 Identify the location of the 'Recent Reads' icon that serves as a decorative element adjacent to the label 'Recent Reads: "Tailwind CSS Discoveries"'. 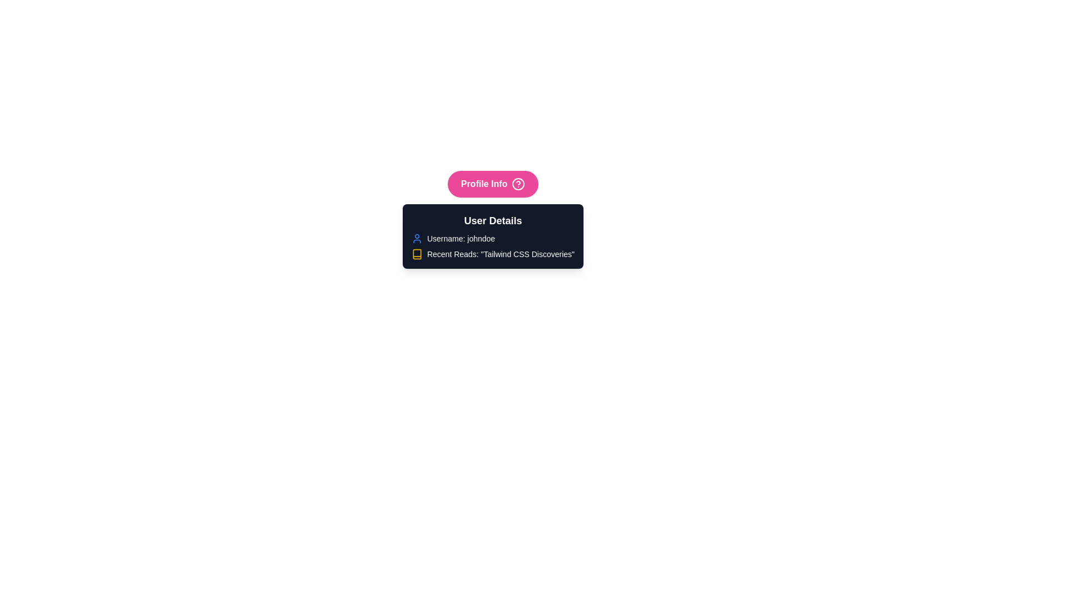
(416, 254).